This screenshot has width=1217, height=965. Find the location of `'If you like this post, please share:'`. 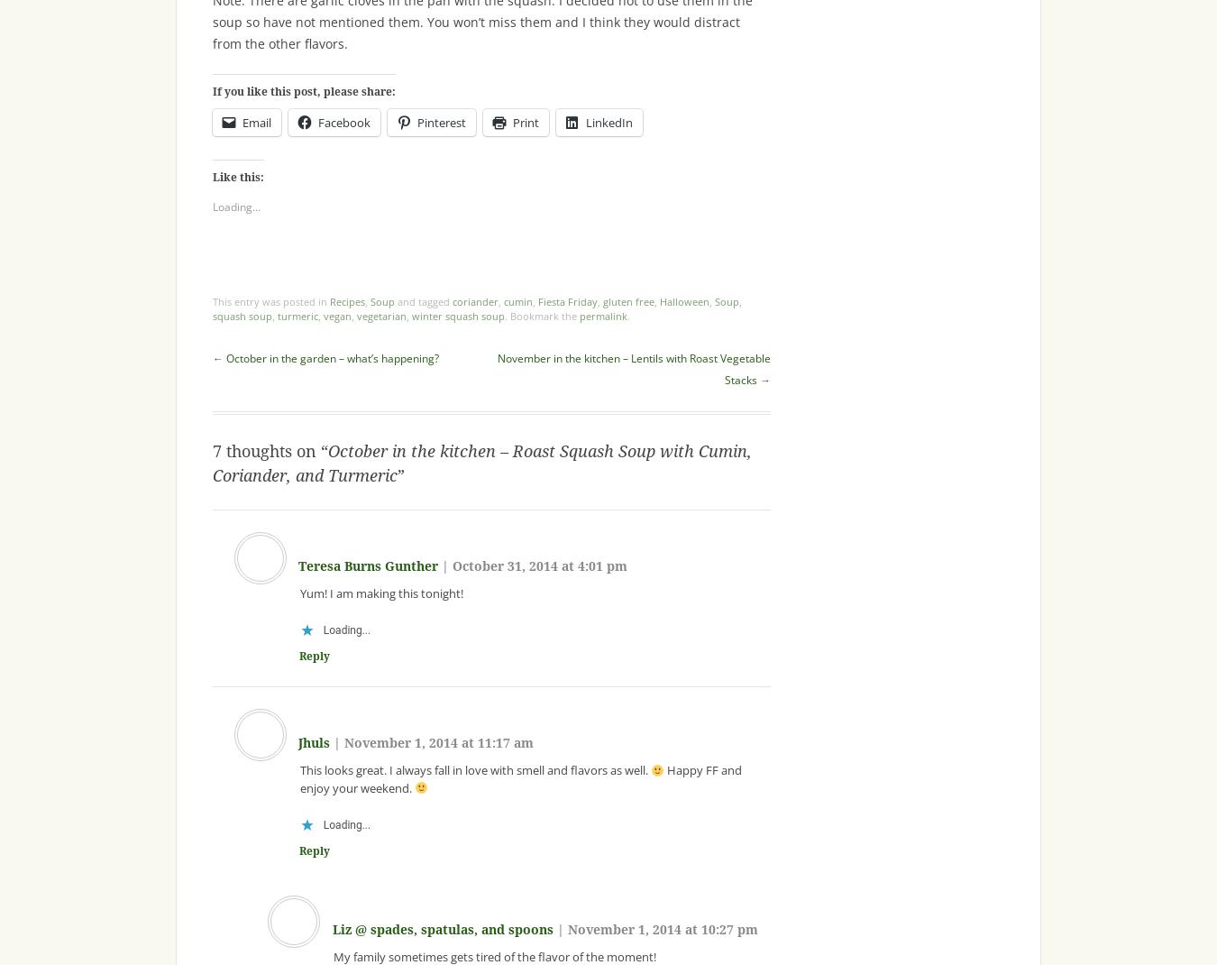

'If you like this post, please share:' is located at coordinates (303, 91).